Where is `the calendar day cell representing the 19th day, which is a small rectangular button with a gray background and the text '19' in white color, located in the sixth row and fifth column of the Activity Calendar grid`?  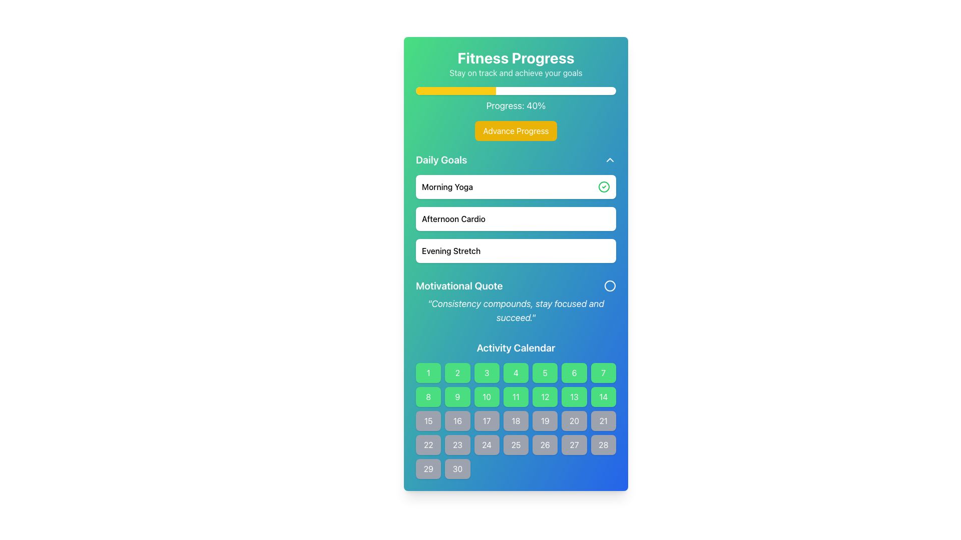
the calendar day cell representing the 19th day, which is a small rectangular button with a gray background and the text '19' in white color, located in the sixth row and fifth column of the Activity Calendar grid is located at coordinates (545, 420).